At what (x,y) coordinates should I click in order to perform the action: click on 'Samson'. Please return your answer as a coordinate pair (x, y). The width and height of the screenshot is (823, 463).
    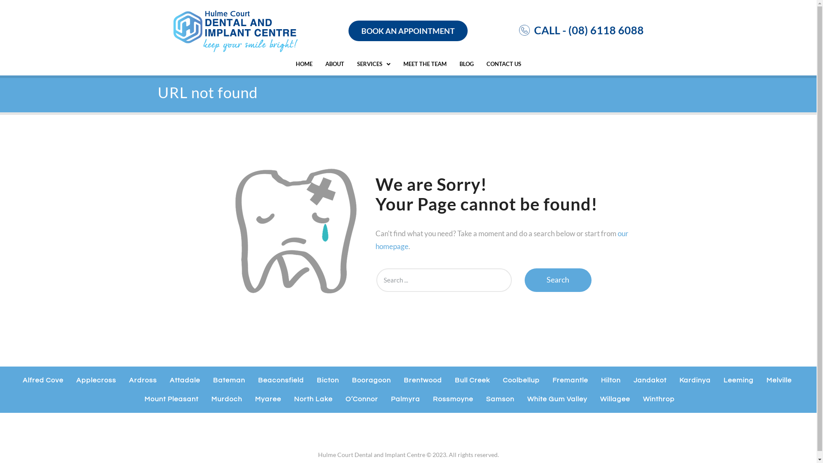
    Looking at the image, I should click on (500, 399).